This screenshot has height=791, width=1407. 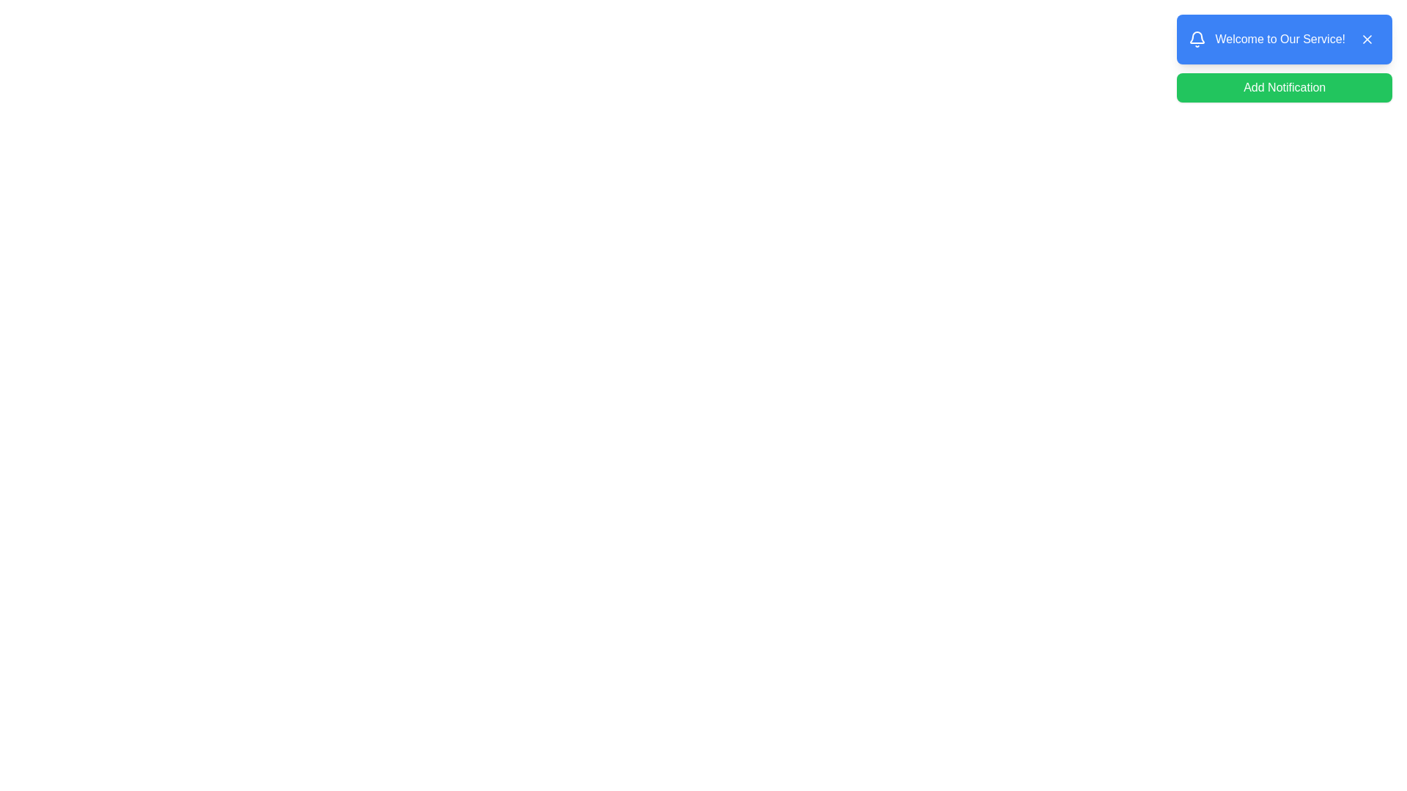 What do you see at coordinates (1197, 39) in the screenshot?
I see `the bell-shaped notification icon, which is outlined in white with a blue background, located in the blue banner that says 'Welcome to Our Service!' near the top-right corner of the interface` at bounding box center [1197, 39].